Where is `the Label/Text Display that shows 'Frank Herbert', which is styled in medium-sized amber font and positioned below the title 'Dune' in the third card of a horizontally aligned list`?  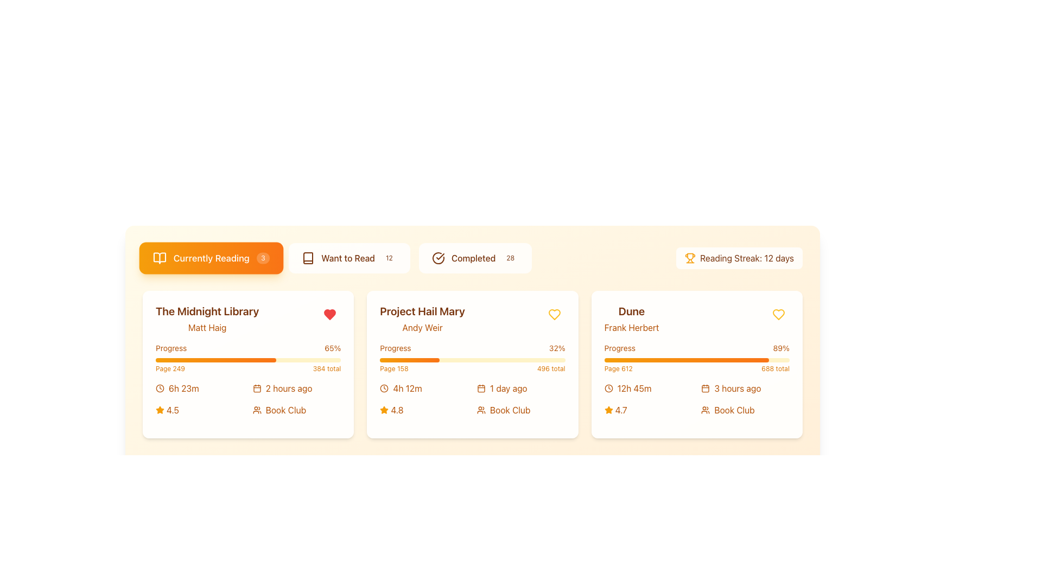
the Label/Text Display that shows 'Frank Herbert', which is styled in medium-sized amber font and positioned below the title 'Dune' in the third card of a horizontally aligned list is located at coordinates (631, 327).